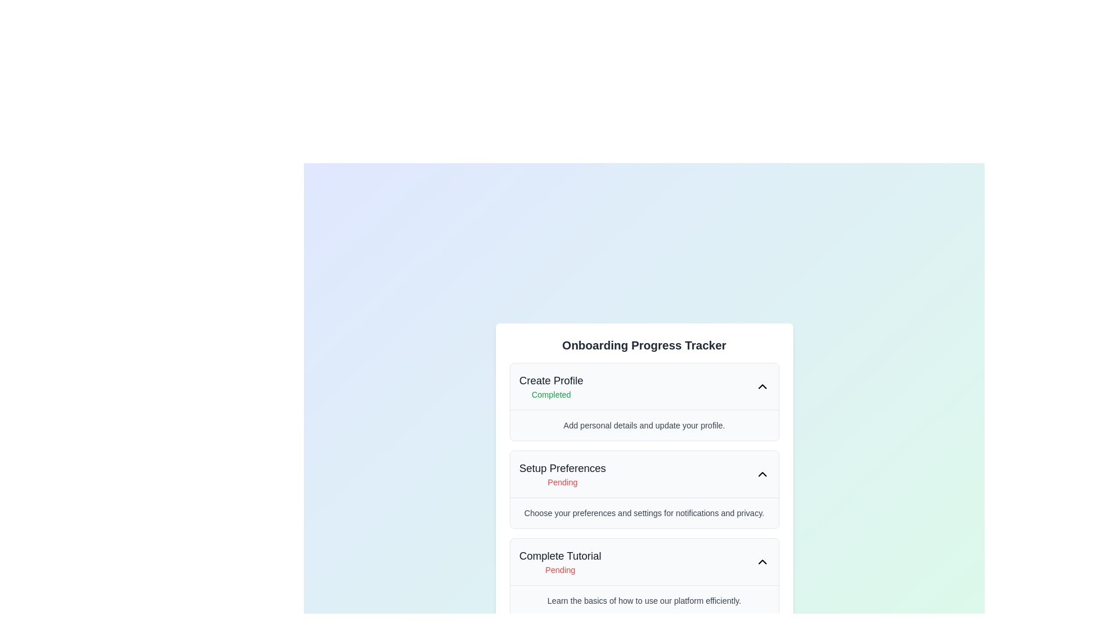 The width and height of the screenshot is (1116, 627). What do you see at coordinates (550, 380) in the screenshot?
I see `the static text label indicating 'Create Profile' in the onboarding progress tracker, located near the top of the list-style component within the white card` at bounding box center [550, 380].